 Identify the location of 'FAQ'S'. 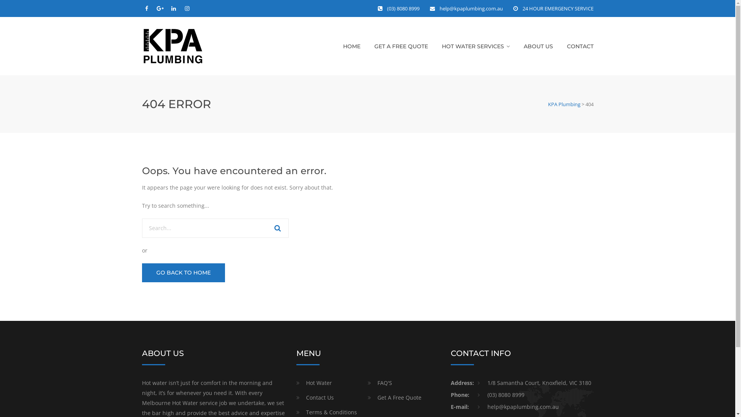
(379, 383).